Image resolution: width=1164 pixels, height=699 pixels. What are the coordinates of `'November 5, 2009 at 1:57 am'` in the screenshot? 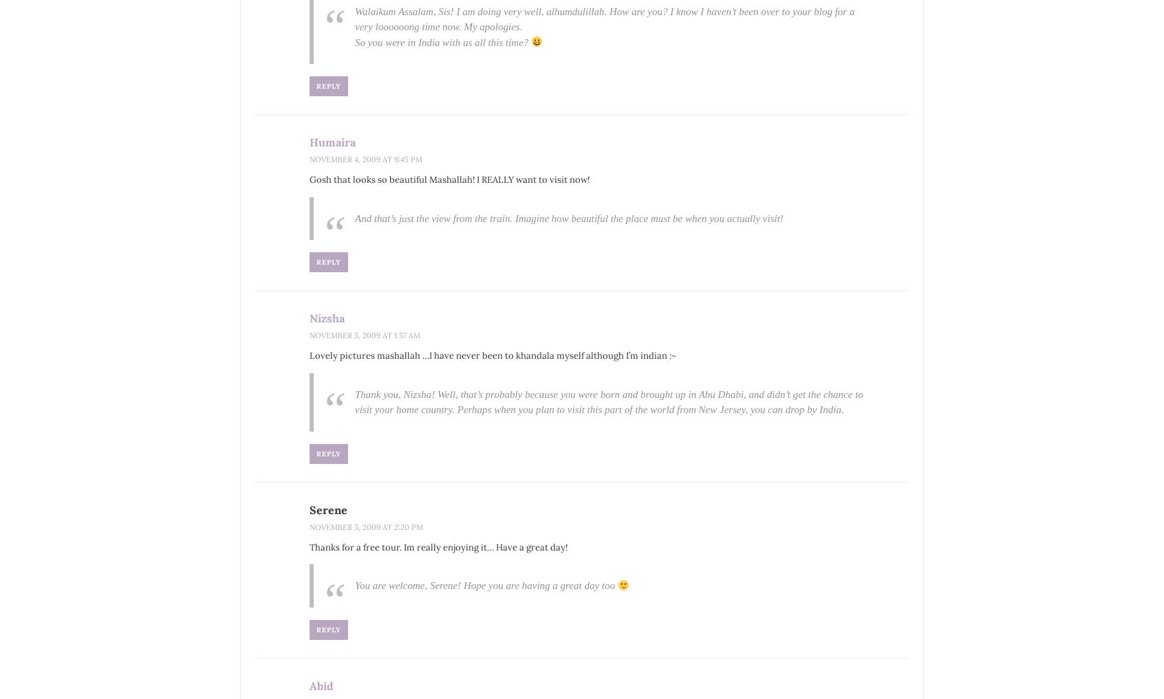 It's located at (365, 334).